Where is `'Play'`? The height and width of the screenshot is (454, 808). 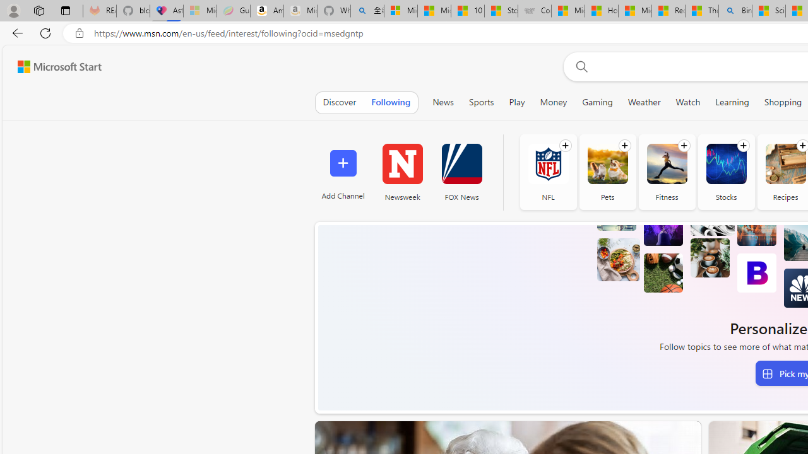 'Play' is located at coordinates (516, 102).